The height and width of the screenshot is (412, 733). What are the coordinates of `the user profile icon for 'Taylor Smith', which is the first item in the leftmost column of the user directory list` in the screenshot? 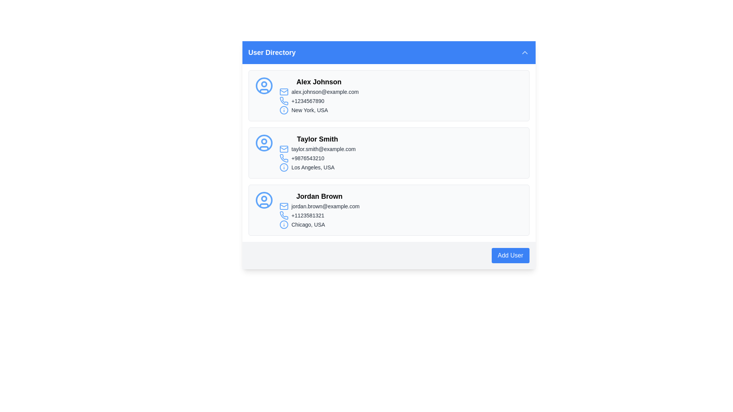 It's located at (264, 143).